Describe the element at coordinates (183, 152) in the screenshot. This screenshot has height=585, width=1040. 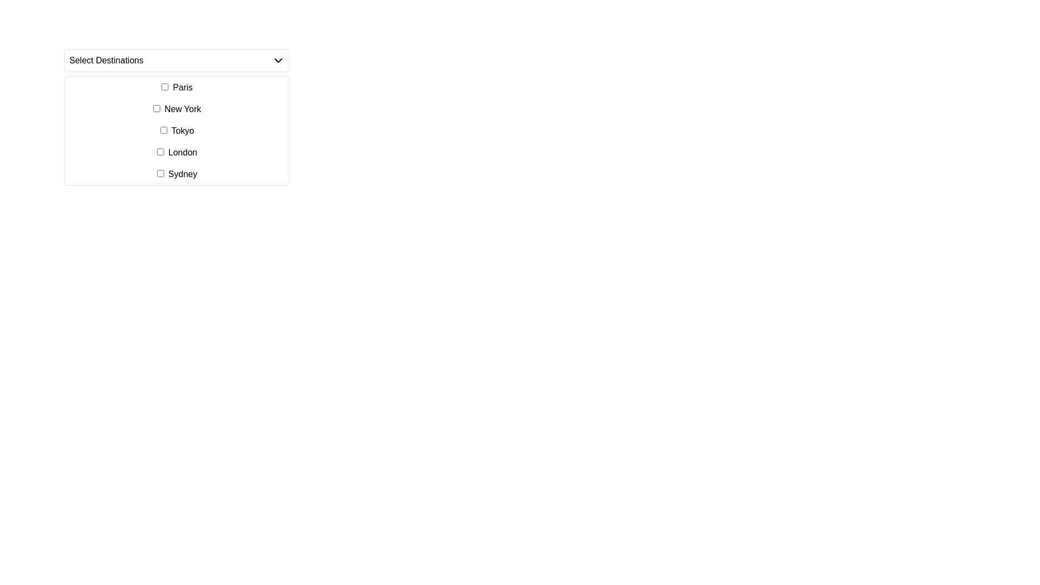
I see `text of the Label element containing 'London', which is the fourth entry in the 'Select Destinations' dropdown list` at that location.